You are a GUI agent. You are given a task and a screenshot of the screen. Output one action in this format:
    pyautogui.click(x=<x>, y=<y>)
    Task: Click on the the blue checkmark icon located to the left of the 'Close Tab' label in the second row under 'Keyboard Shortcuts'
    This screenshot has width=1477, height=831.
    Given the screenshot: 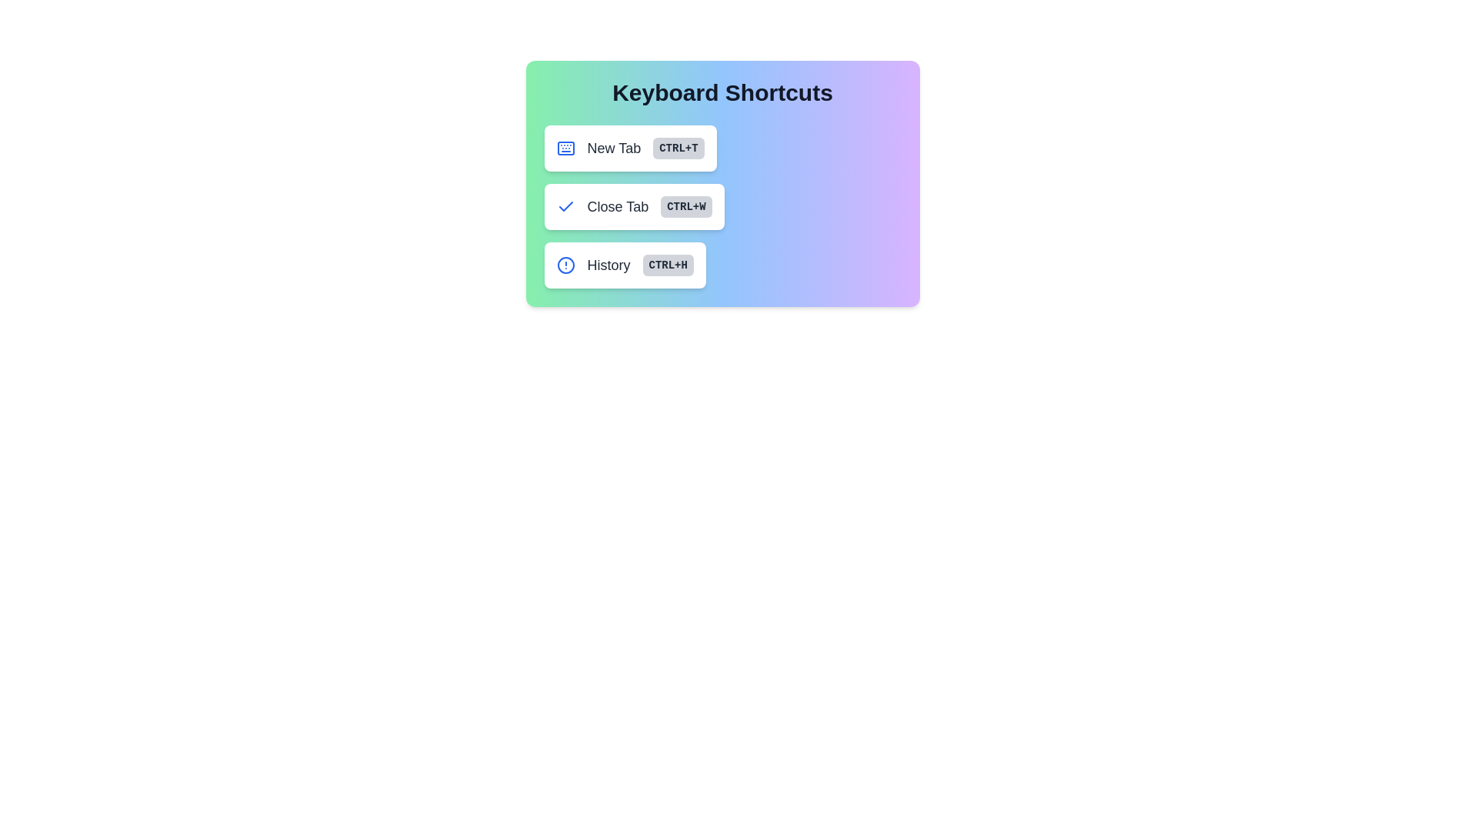 What is the action you would take?
    pyautogui.click(x=565, y=205)
    